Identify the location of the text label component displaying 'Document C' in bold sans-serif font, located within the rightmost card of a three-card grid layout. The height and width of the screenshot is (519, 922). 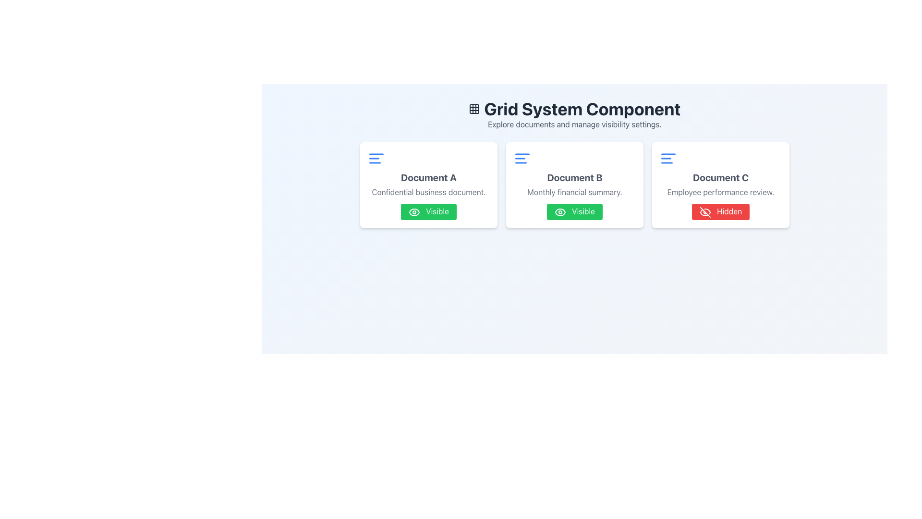
(721, 178).